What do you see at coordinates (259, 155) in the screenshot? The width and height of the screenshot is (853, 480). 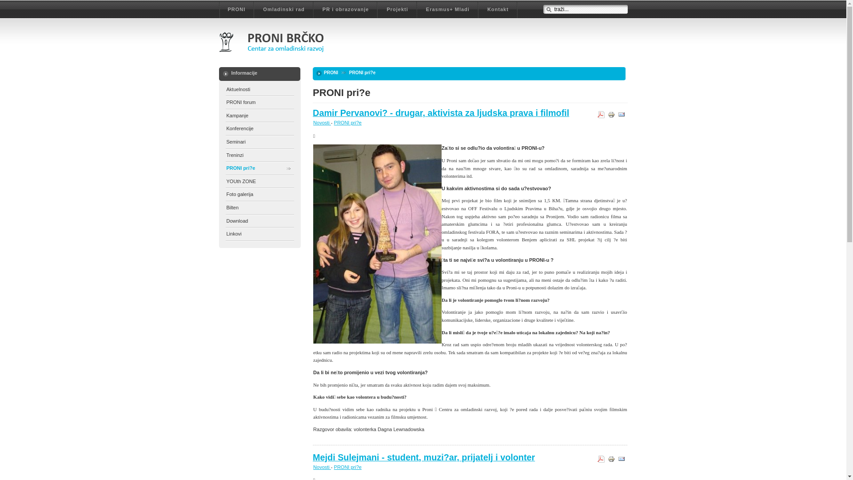 I see `'Treninzi'` at bounding box center [259, 155].